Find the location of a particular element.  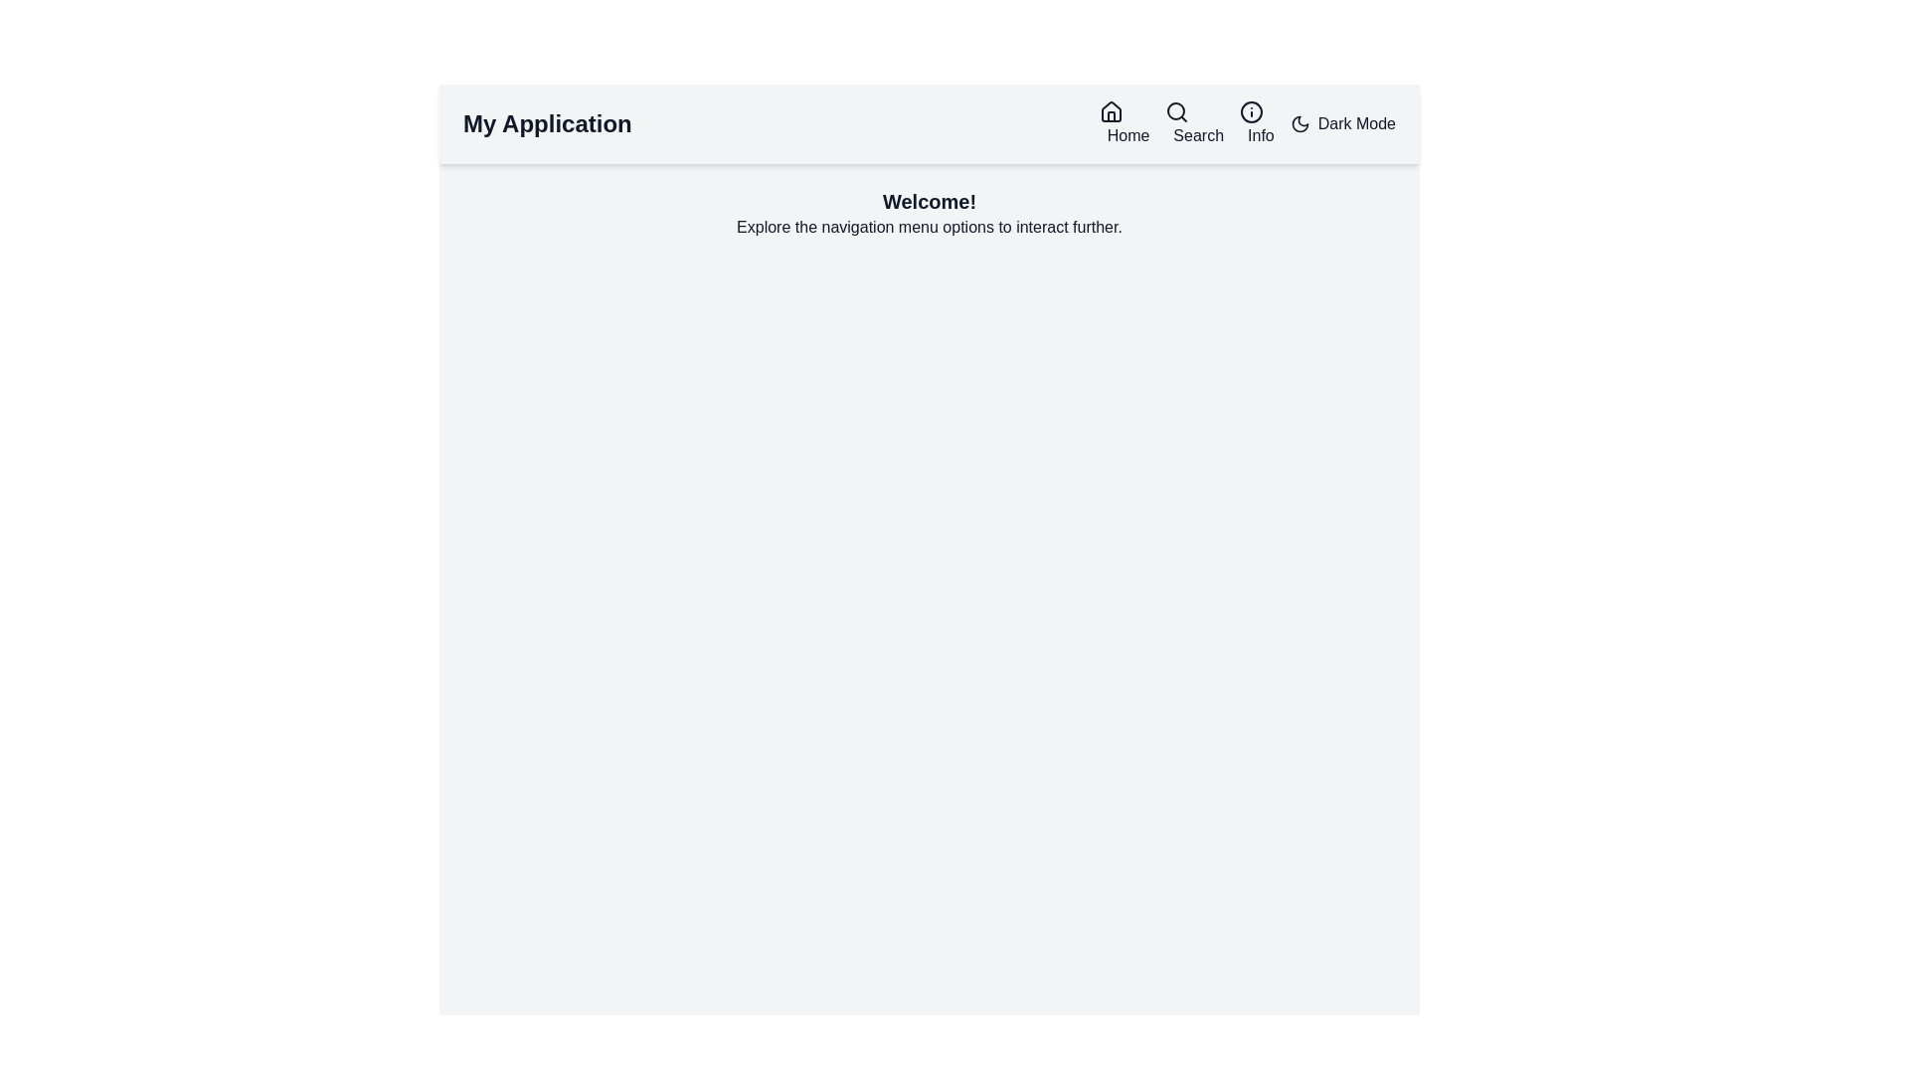

the house icon in the navigation bar is located at coordinates (1110, 111).